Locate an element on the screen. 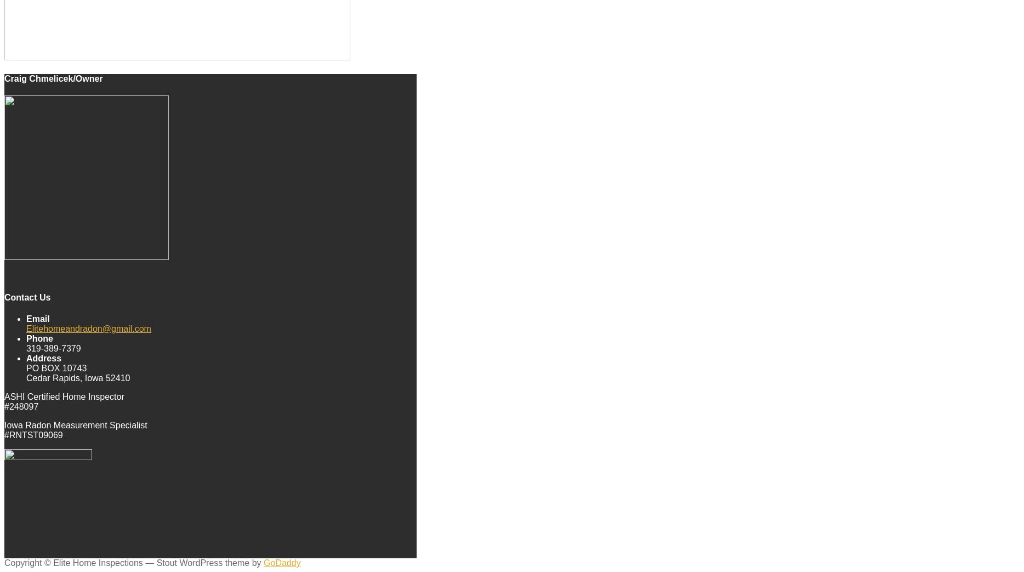 The width and height of the screenshot is (1024, 572). 'GoDaddy' is located at coordinates (264, 562).